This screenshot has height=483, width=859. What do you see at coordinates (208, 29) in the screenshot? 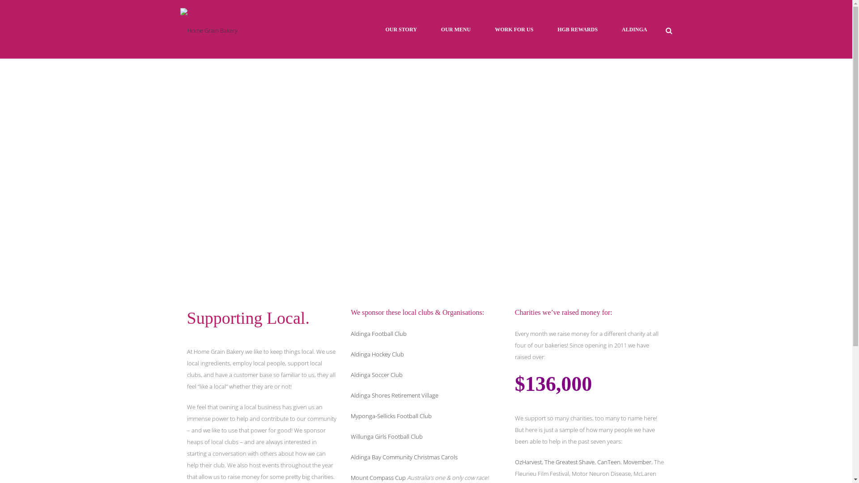
I see `'Home Grain Bakery'` at bounding box center [208, 29].